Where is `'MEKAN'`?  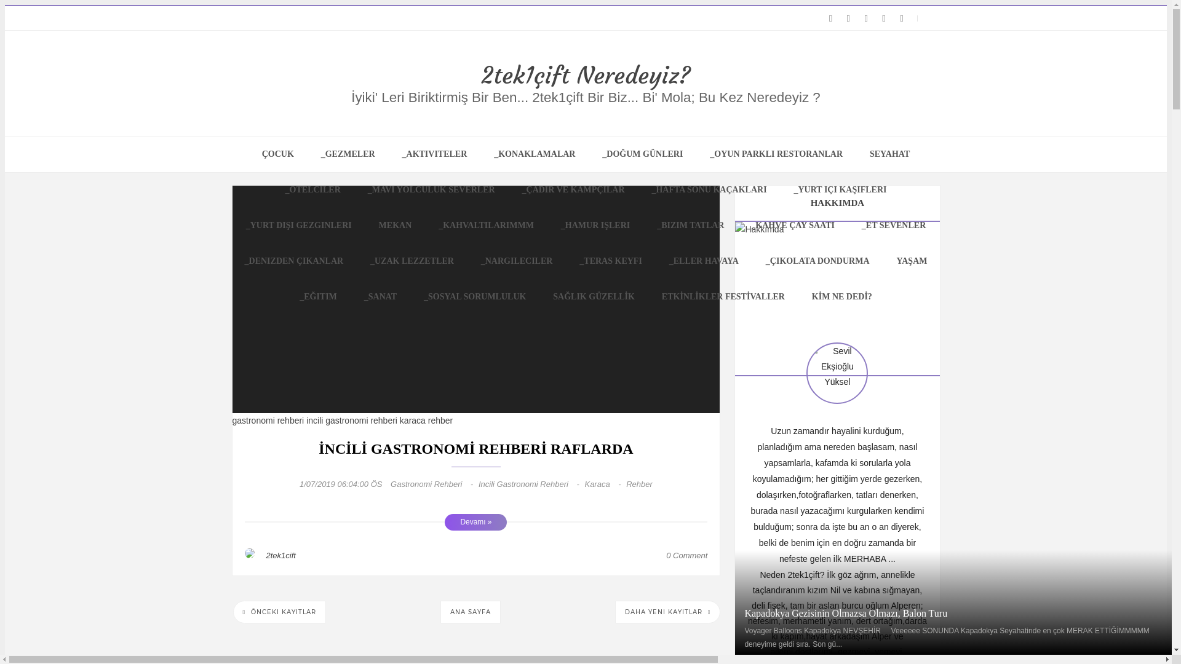 'MEKAN' is located at coordinates (396, 225).